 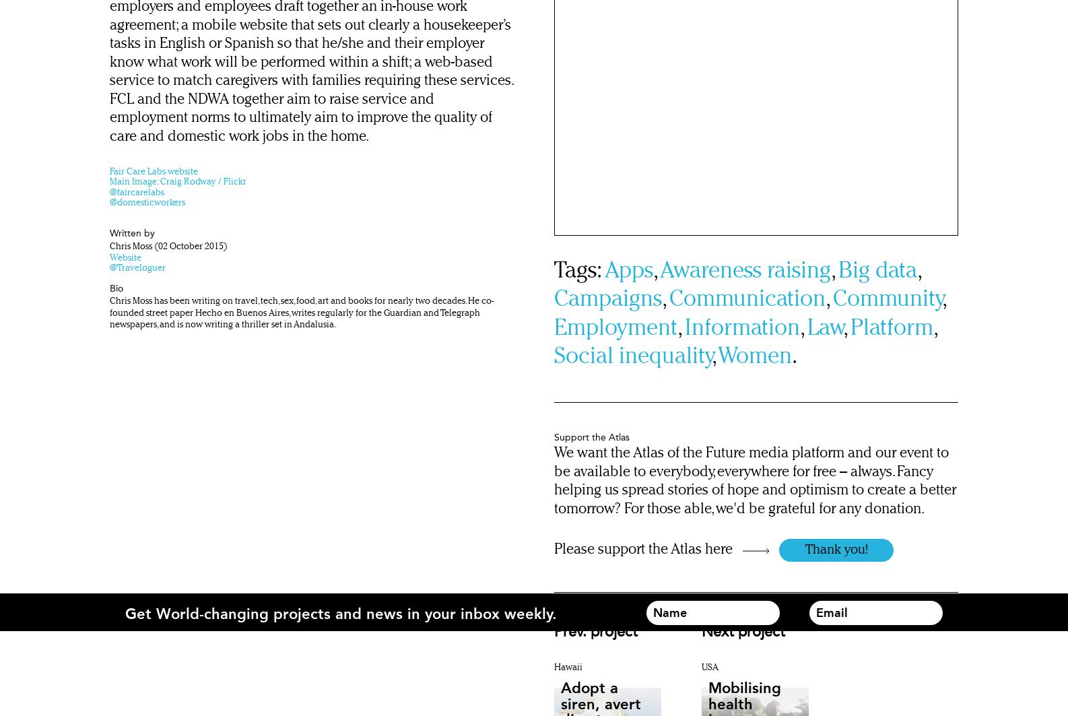 I want to click on 'Social inequality', so click(x=632, y=357).